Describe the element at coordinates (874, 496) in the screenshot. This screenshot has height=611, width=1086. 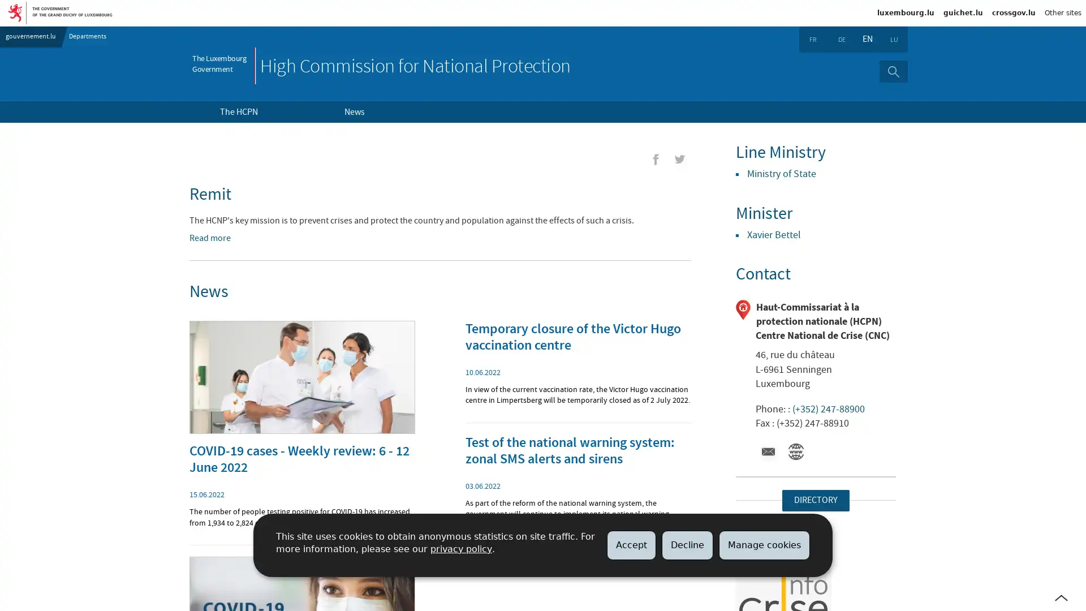
I see `imgFullScreen` at that location.